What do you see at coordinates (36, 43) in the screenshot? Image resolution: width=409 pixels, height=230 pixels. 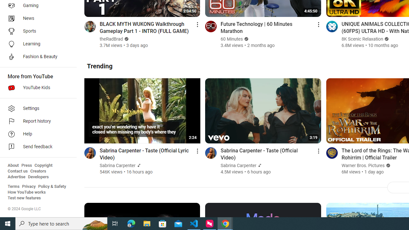 I see `'Learning'` at bounding box center [36, 43].